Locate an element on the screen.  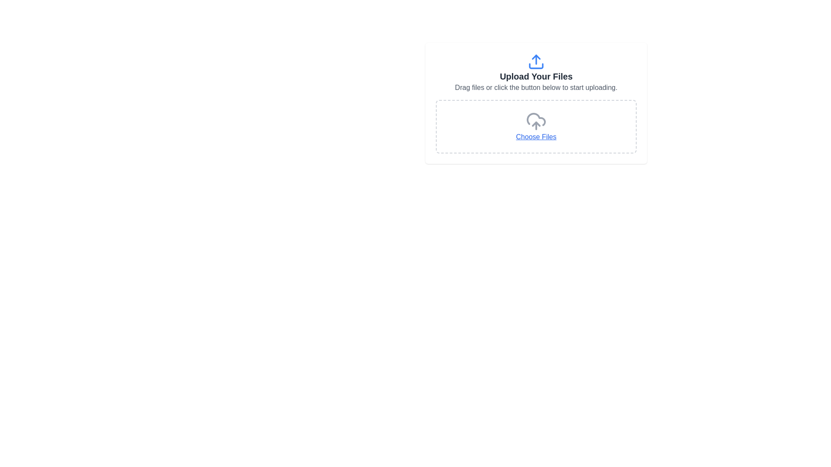
the polygonal shape that represents the arrowhead of the upload icon within the SVG graphical structure, positioned at the topmost part of the icon is located at coordinates (535, 57).